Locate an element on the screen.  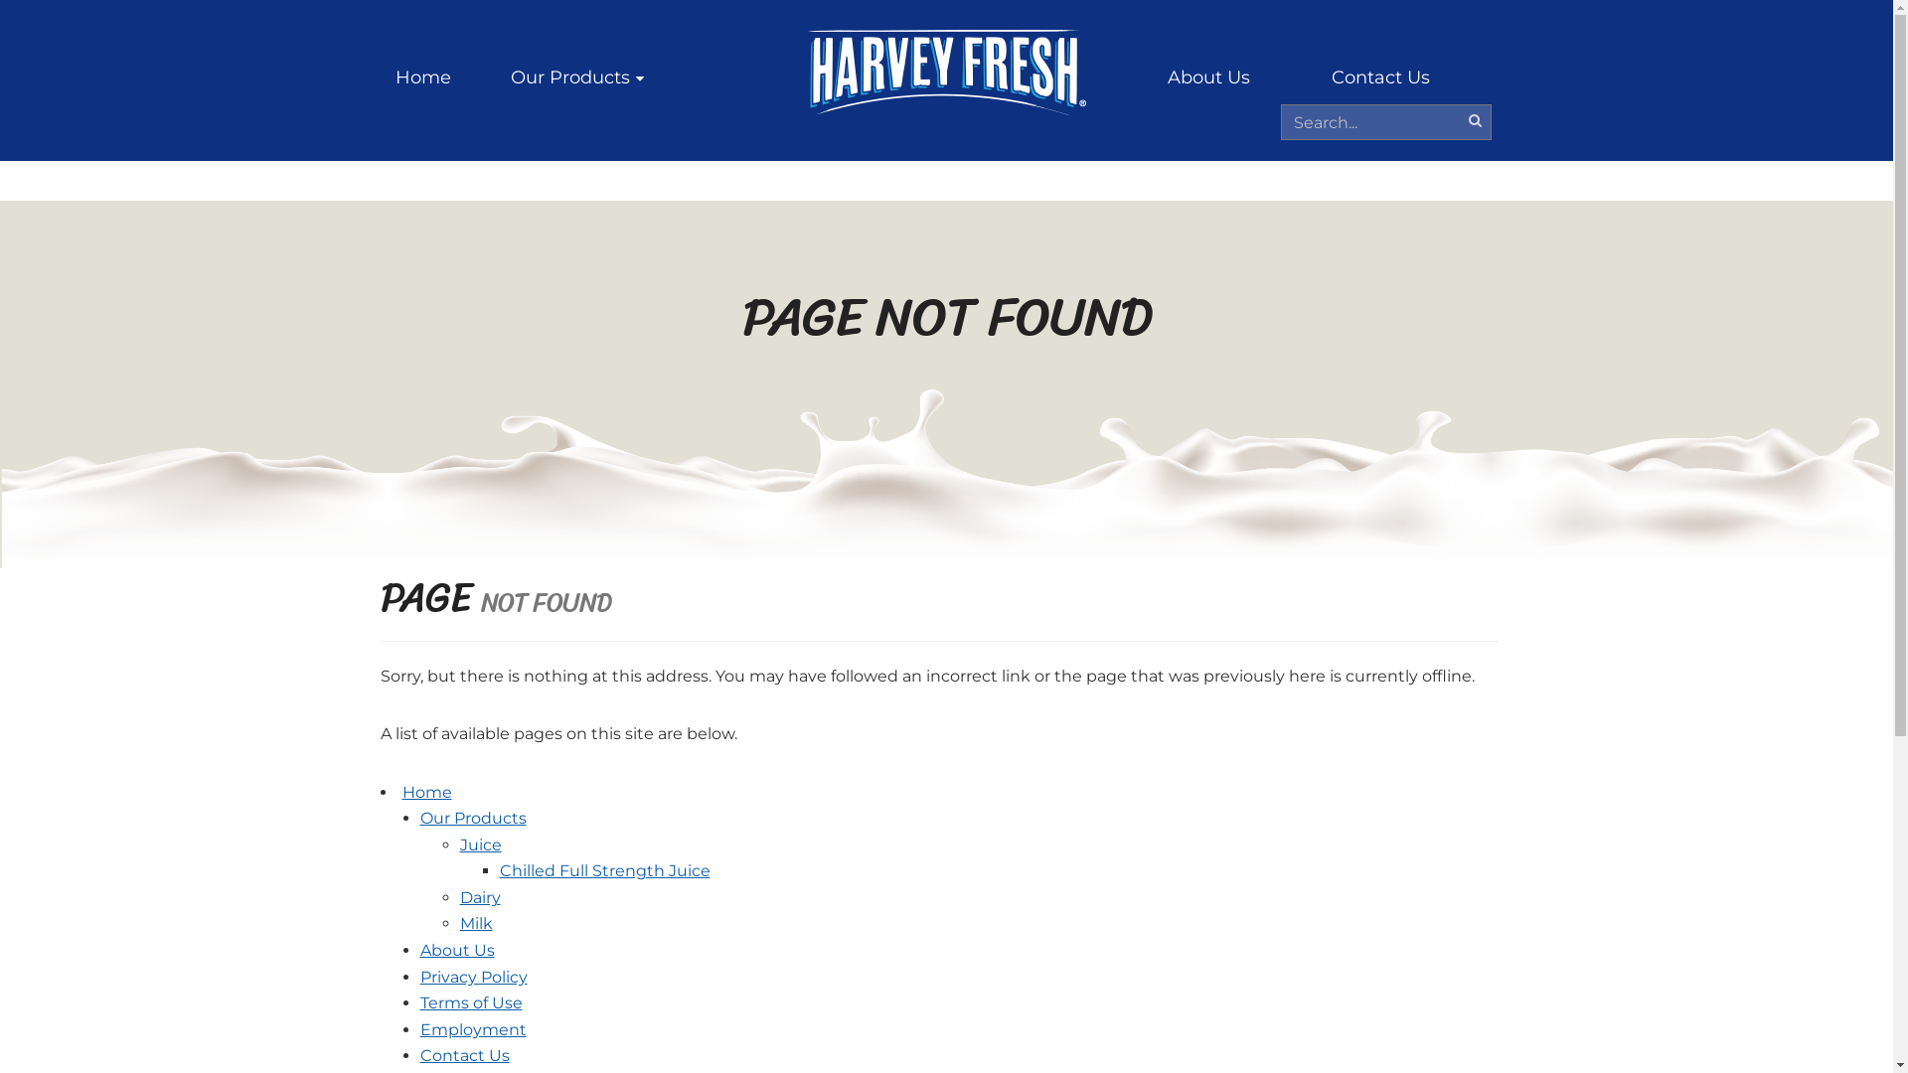
'Chilled Full Strength Juice' is located at coordinates (603, 869).